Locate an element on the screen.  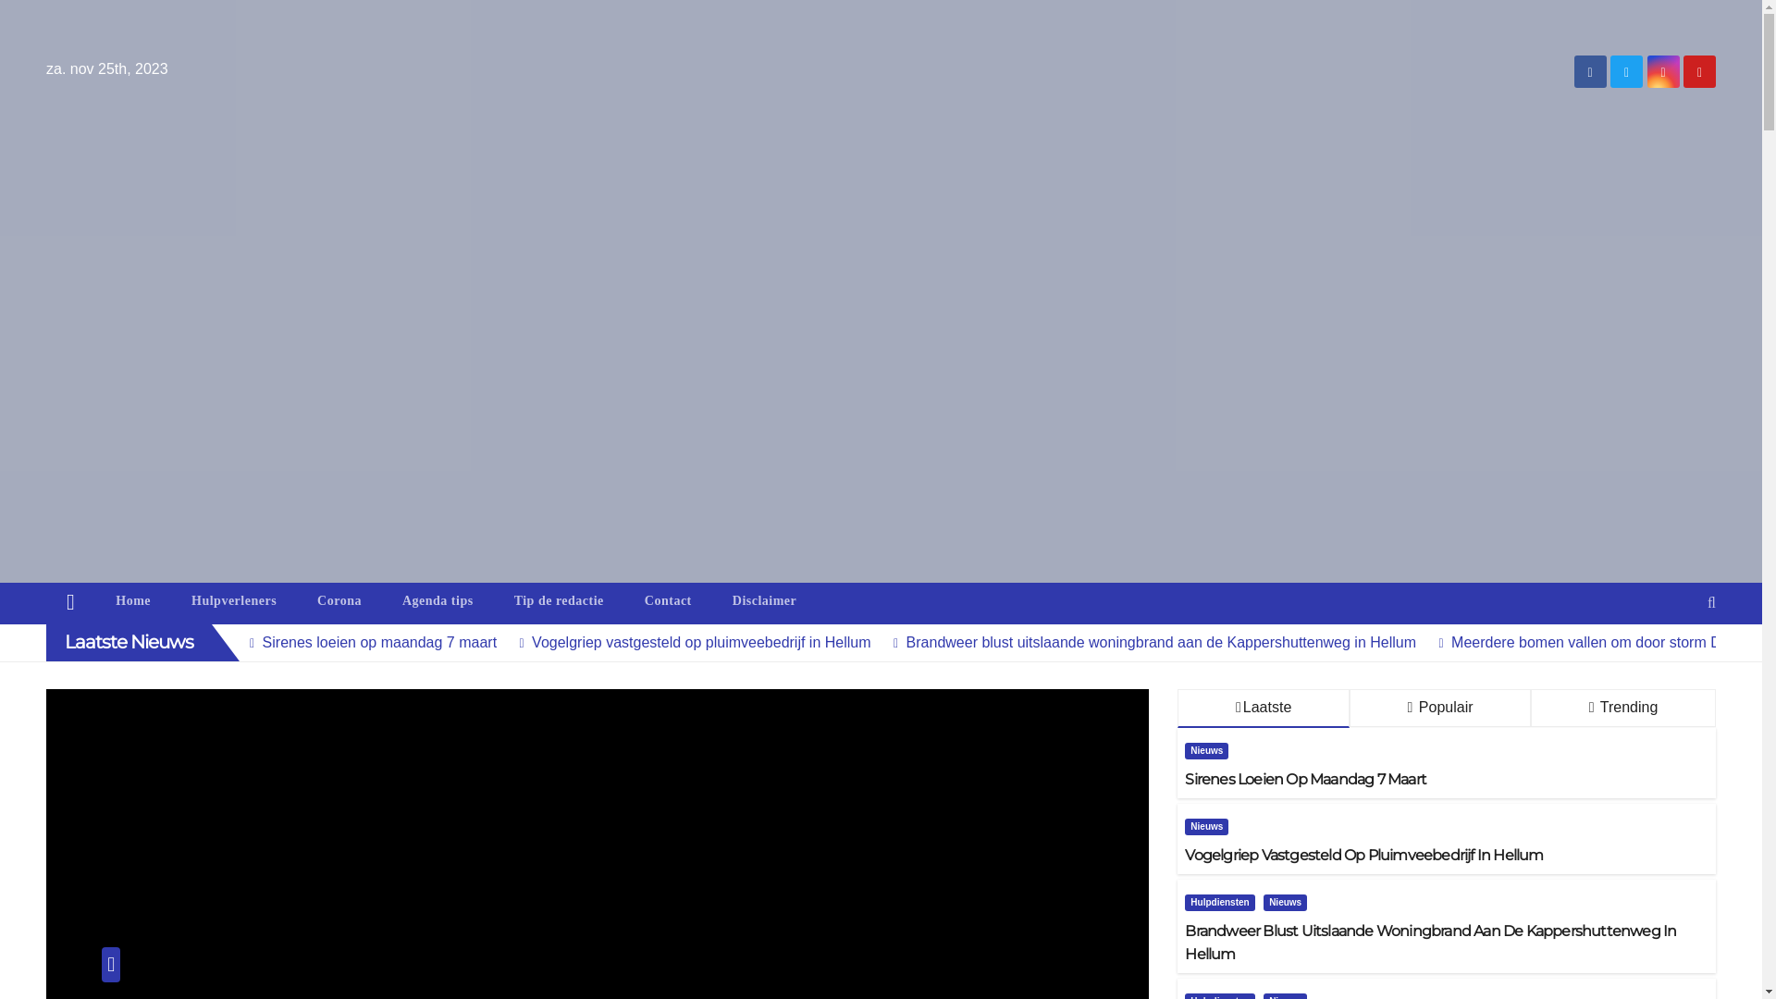
'Home' is located at coordinates (132, 601).